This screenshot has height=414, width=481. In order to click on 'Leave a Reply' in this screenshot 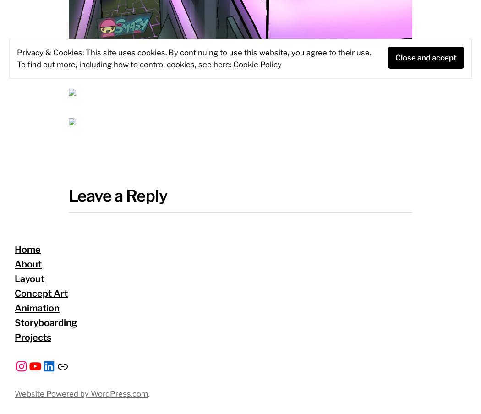, I will do `click(118, 195)`.